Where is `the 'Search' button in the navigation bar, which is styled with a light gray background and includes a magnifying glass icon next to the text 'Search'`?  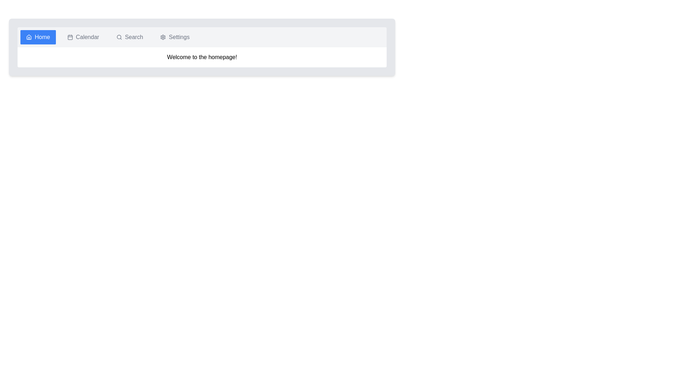
the 'Search' button in the navigation bar, which is styled with a light gray background and includes a magnifying glass icon next to the text 'Search' is located at coordinates (129, 37).